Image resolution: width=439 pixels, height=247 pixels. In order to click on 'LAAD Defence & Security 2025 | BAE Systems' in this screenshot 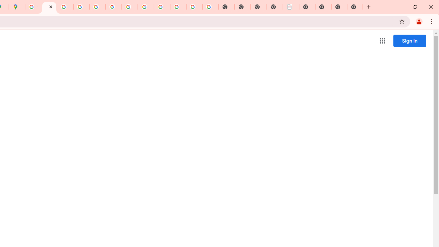, I will do `click(291, 7)`.